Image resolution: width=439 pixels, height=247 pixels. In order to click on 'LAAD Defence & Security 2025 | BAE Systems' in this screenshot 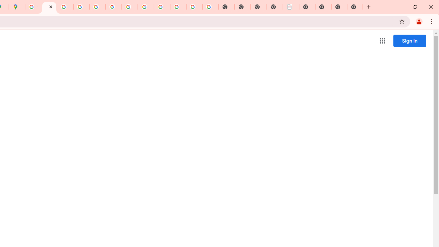, I will do `click(291, 7)`.